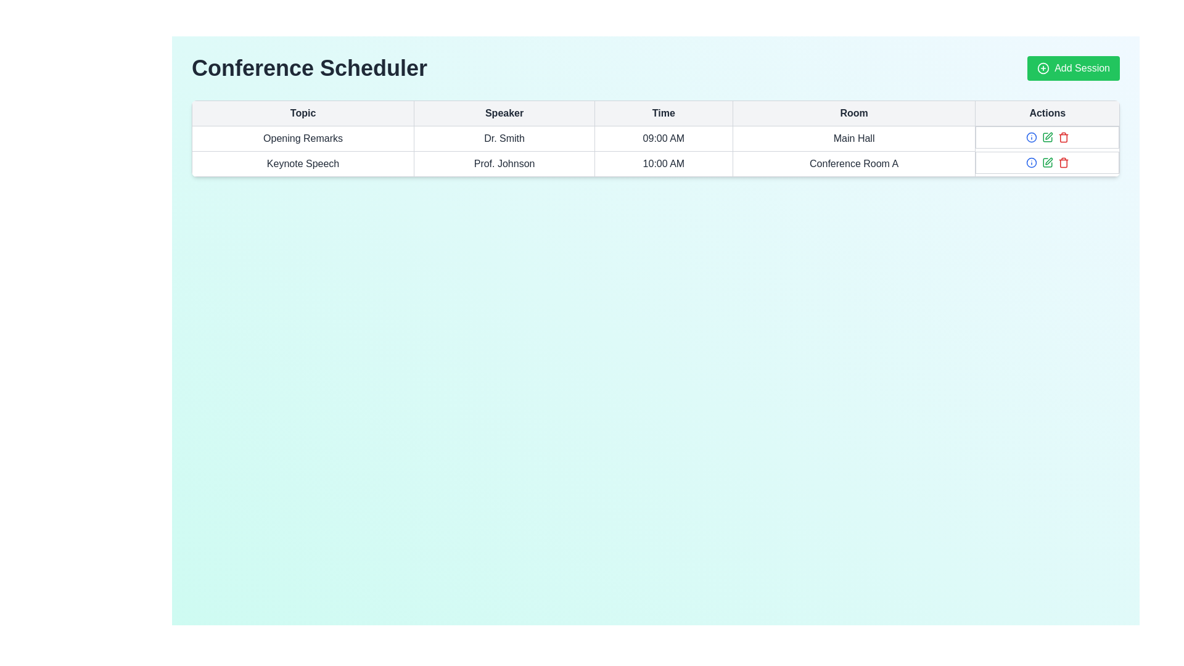 The image size is (1184, 666). I want to click on the hollow circular SVG element located in the 'Actions' column of the second row, corresponding to the session 'Keynote Speech.', so click(1031, 138).